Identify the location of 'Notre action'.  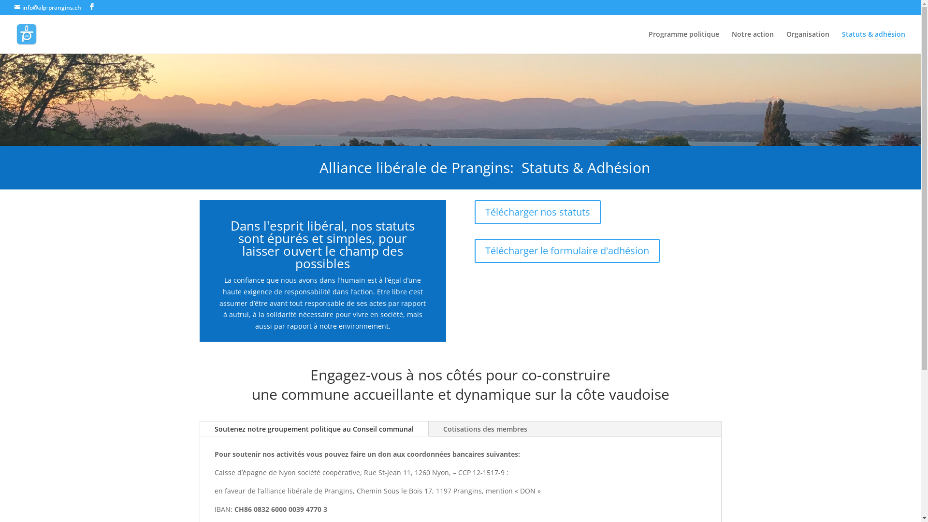
(752, 42).